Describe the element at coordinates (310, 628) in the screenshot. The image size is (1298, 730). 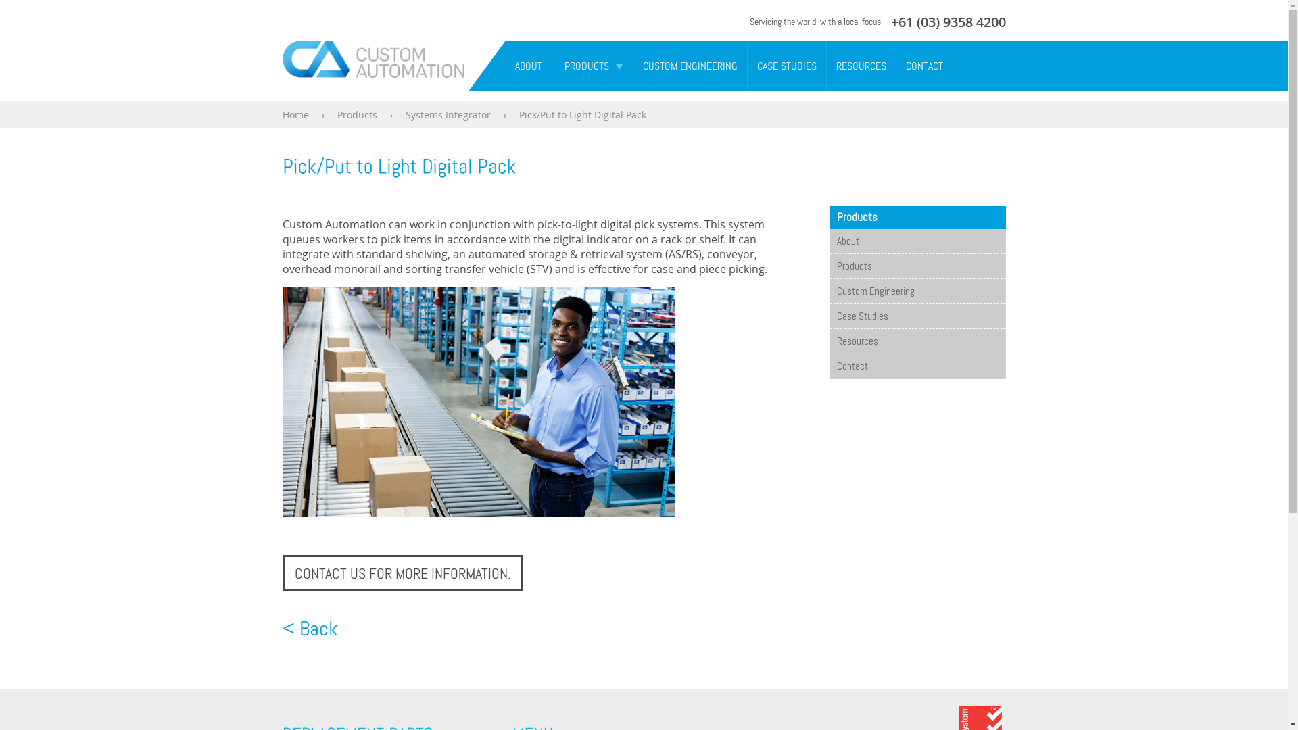
I see `'< Back'` at that location.